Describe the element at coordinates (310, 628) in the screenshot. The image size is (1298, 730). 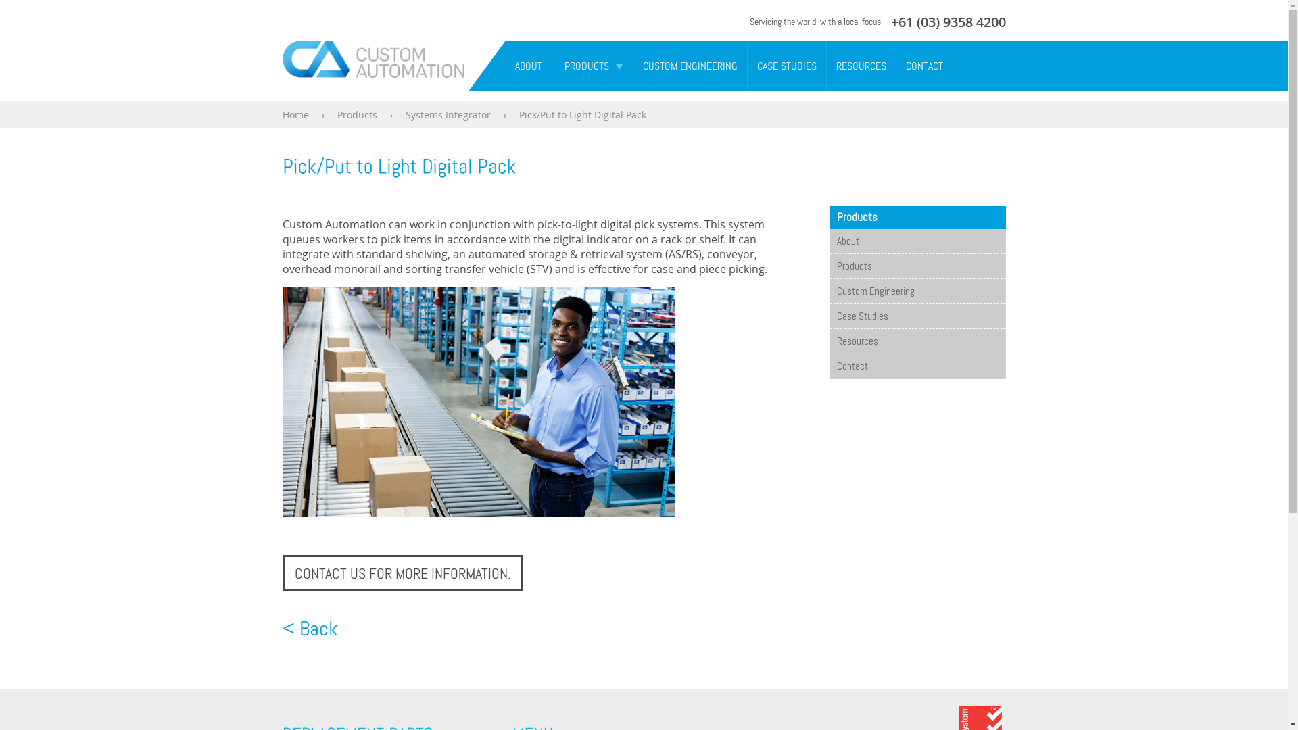
I see `'< Back'` at that location.